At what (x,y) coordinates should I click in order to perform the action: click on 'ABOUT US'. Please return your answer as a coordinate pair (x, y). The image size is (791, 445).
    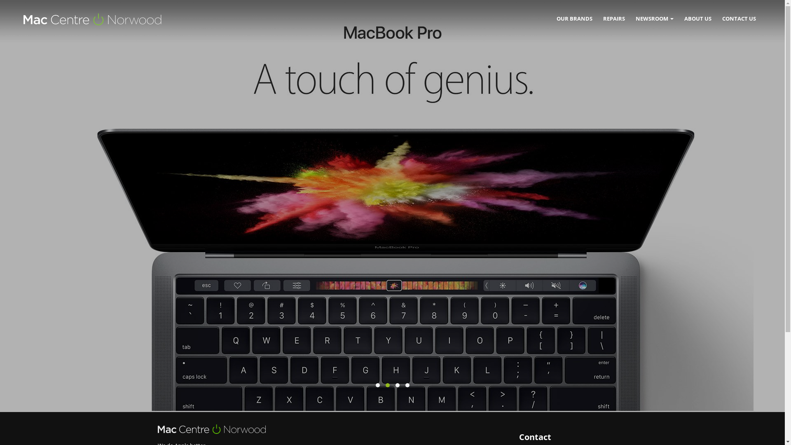
    Looking at the image, I should click on (697, 19).